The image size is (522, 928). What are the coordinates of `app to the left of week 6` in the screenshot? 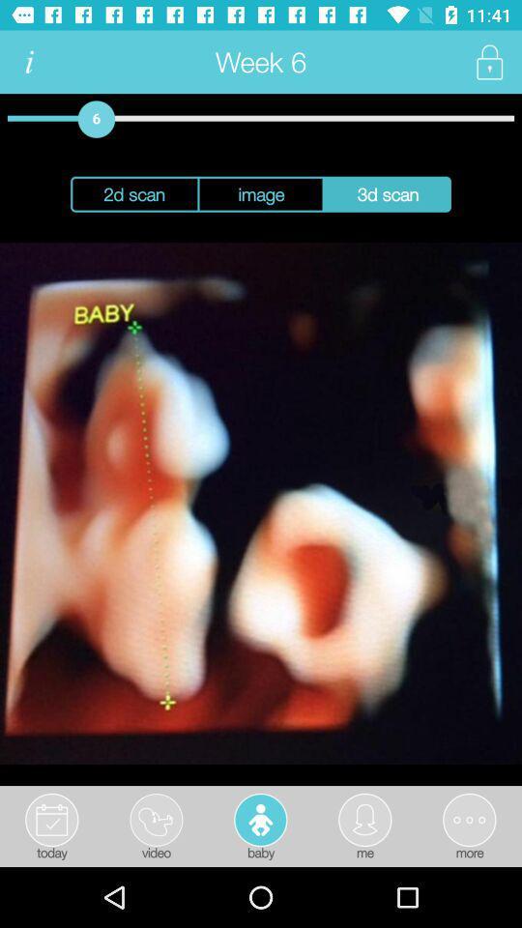 It's located at (28, 62).